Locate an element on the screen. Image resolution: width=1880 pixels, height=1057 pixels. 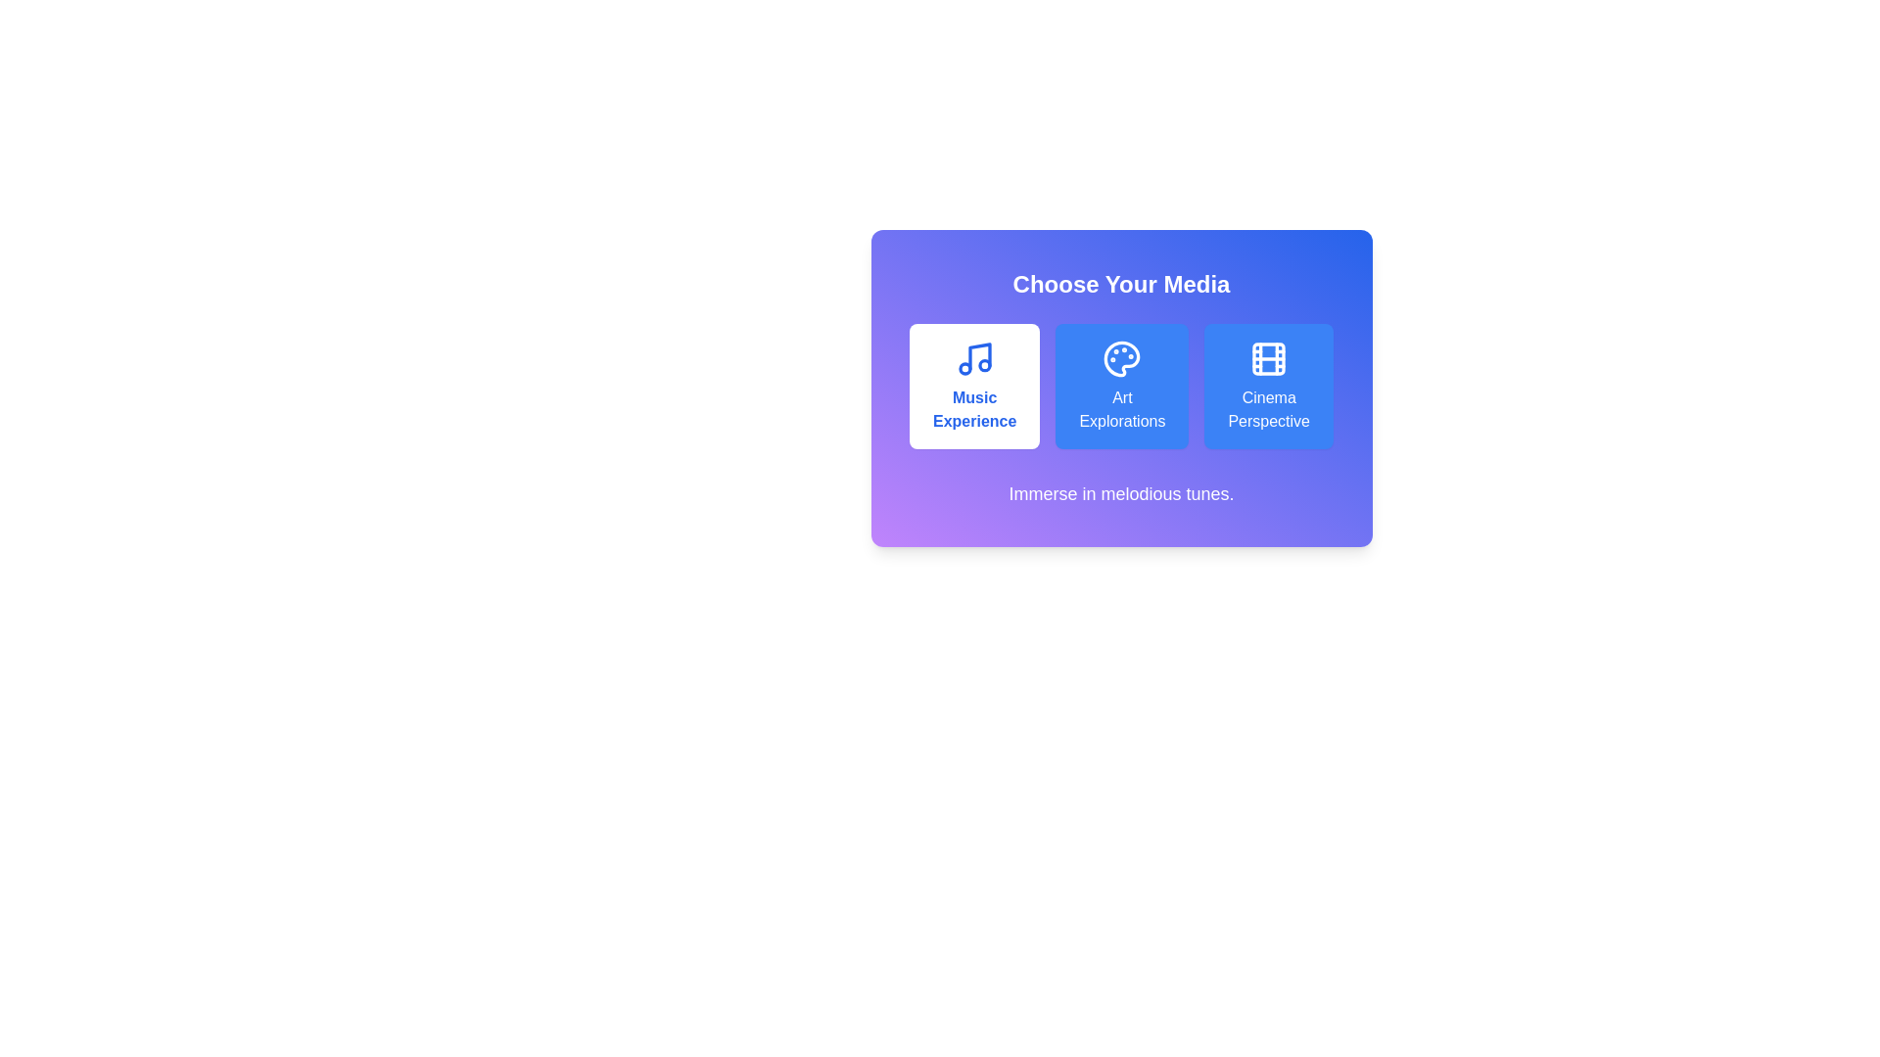
the media option Music Experience by clicking its corresponding button is located at coordinates (974, 386).